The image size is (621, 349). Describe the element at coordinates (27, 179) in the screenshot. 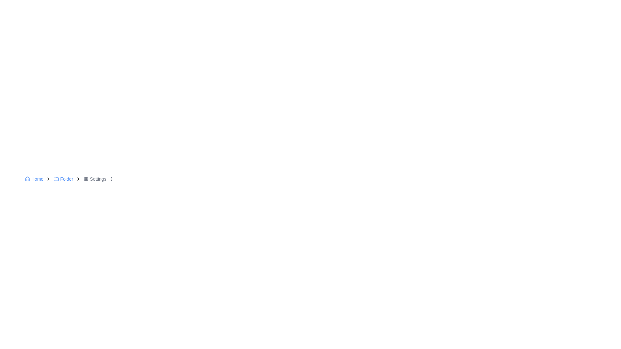

I see `the 'Home' icon in the breadcrumb navigation` at that location.